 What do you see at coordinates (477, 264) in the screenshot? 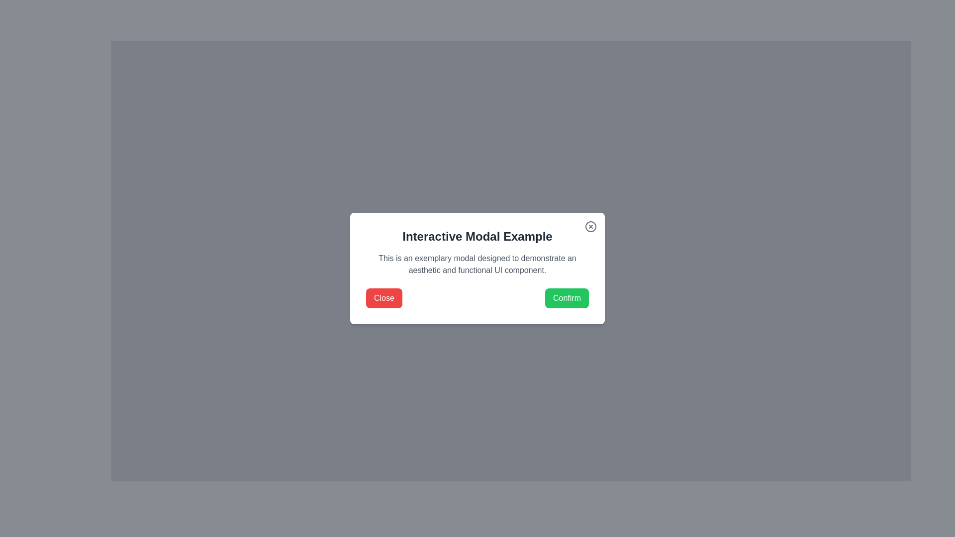
I see `the descriptive text block located below the header 'Interactive Modal Example' and above the action buttons 'Close' and 'Confirm' within the modal dialog` at bounding box center [477, 264].